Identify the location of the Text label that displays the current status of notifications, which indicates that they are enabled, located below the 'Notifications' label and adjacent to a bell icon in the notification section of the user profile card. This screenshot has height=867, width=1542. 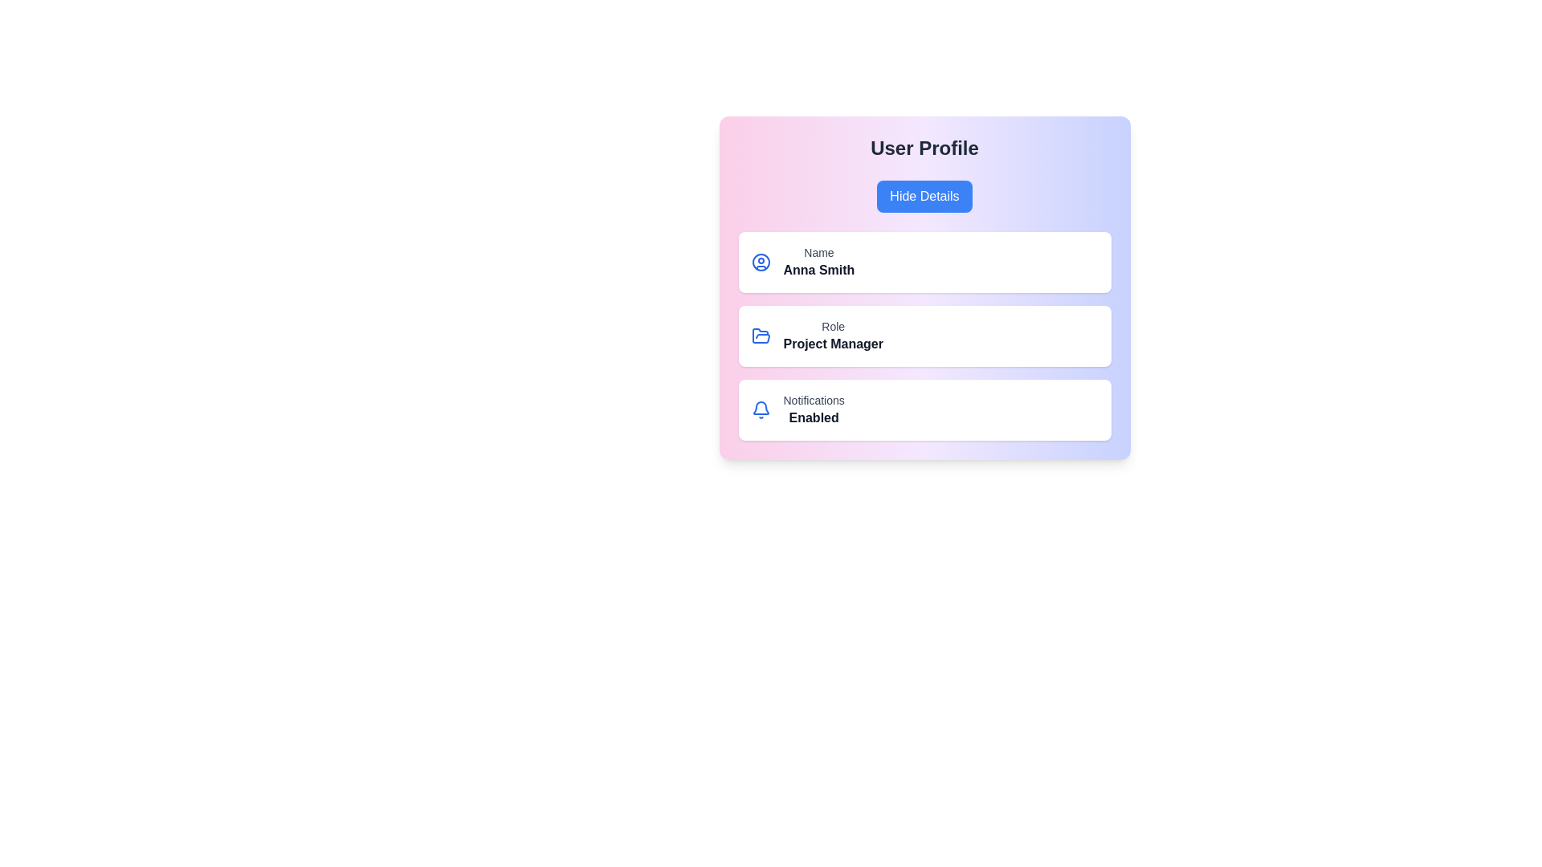
(814, 417).